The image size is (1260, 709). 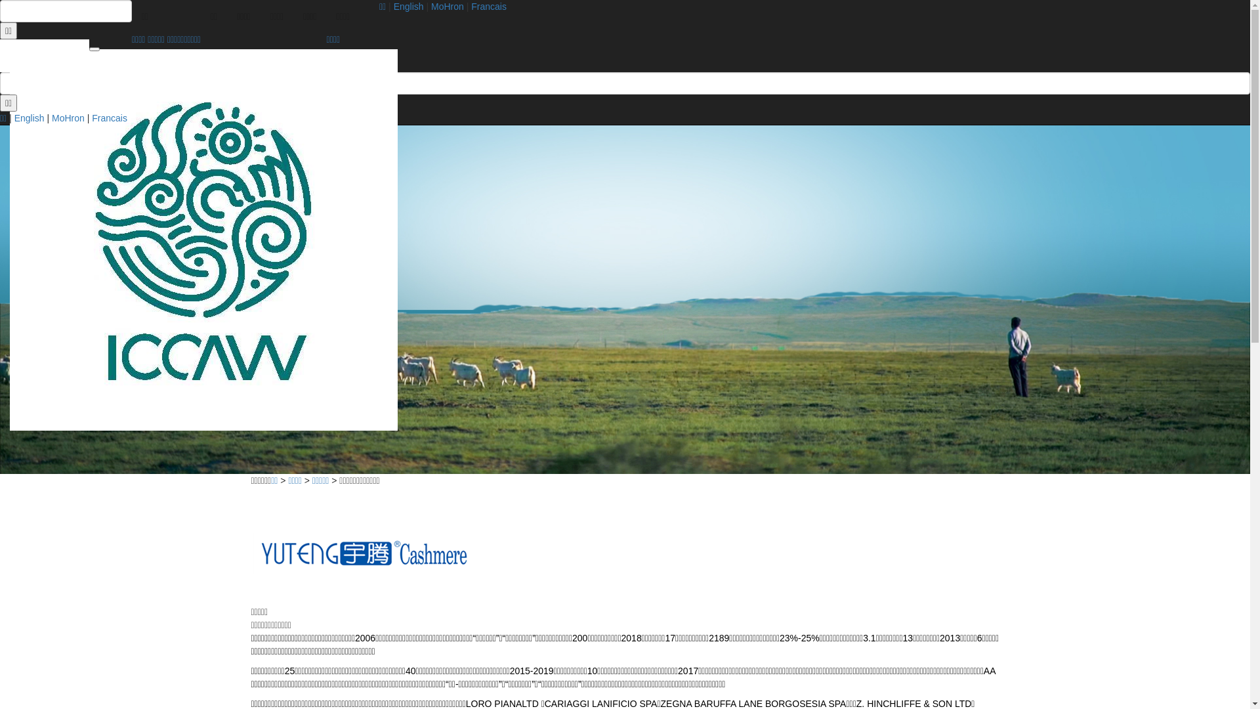 I want to click on 'Francais', so click(x=110, y=118).